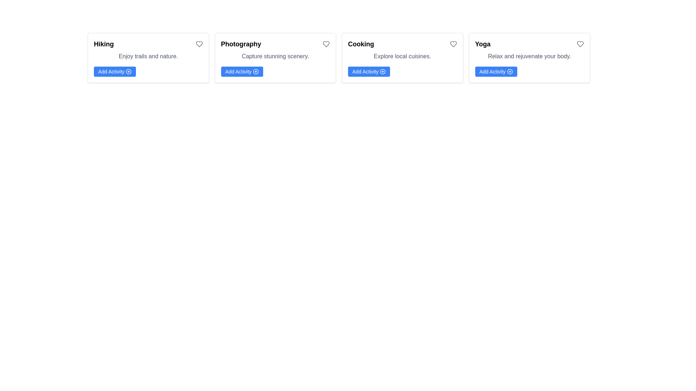 The width and height of the screenshot is (696, 391). Describe the element at coordinates (382, 71) in the screenshot. I see `the SVG icon located to the right of the text label in the 'Add Activity' button under the 'Cooking' category to observe the hover effects` at that location.